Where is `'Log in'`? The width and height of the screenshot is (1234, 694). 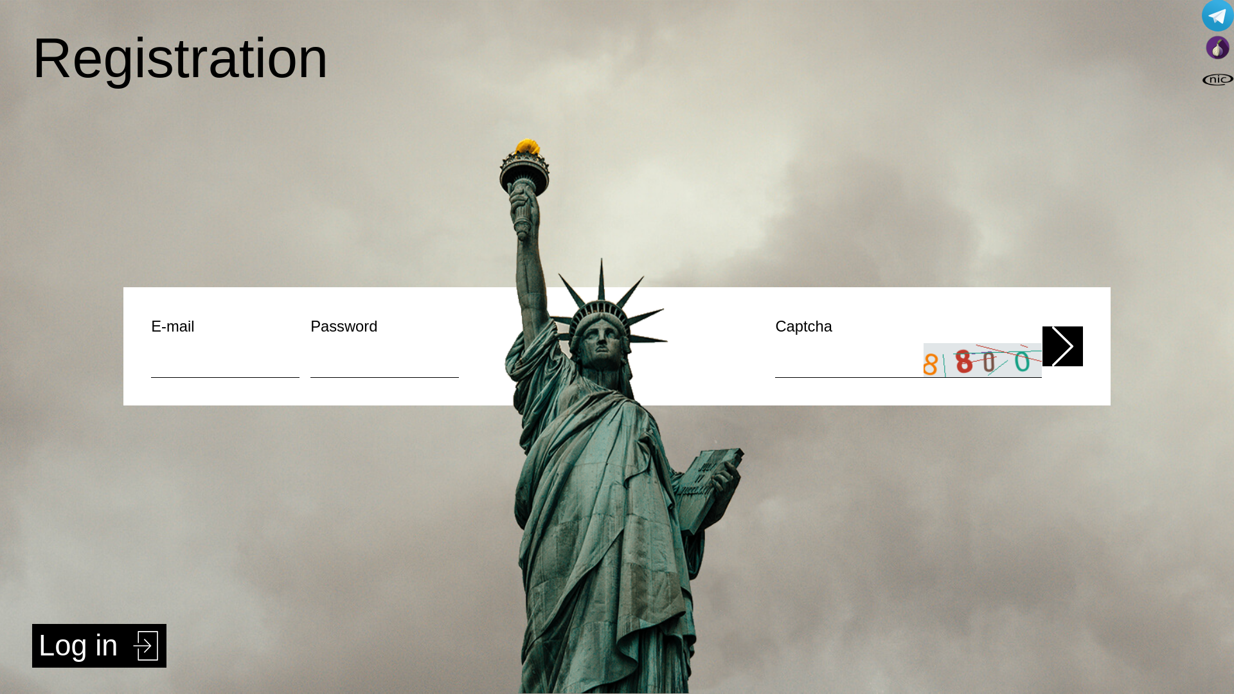 'Log in' is located at coordinates (98, 646).